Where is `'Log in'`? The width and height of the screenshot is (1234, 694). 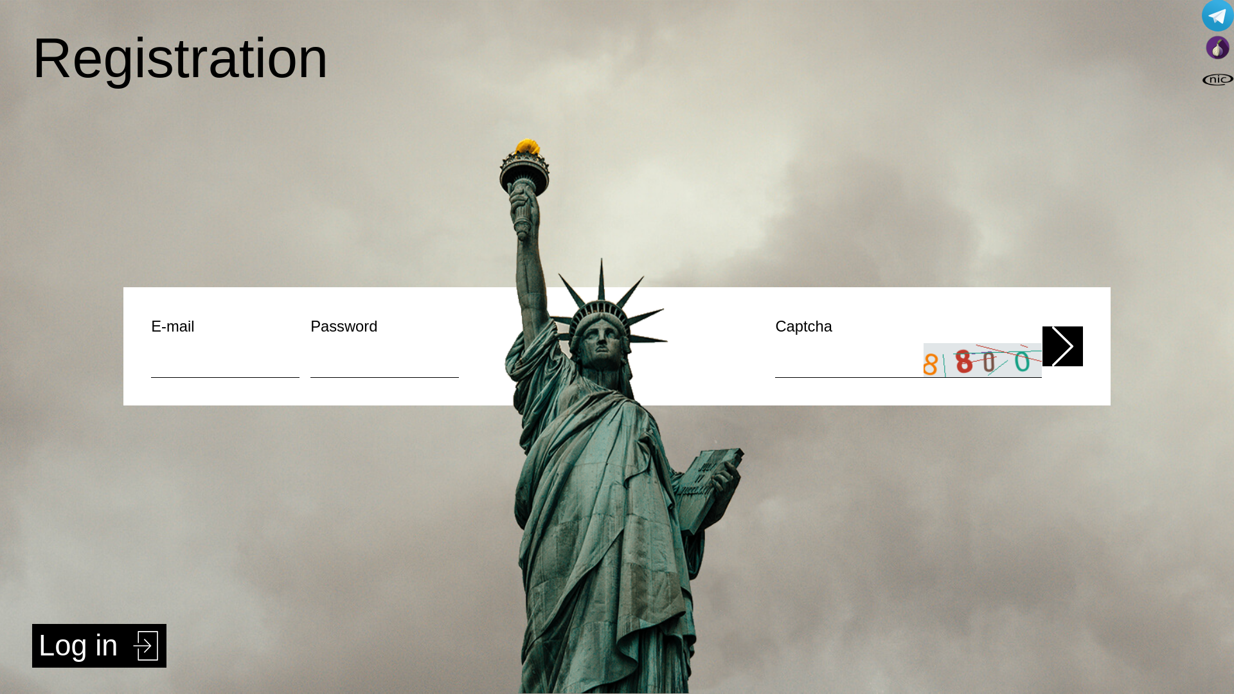 'Log in' is located at coordinates (98, 646).